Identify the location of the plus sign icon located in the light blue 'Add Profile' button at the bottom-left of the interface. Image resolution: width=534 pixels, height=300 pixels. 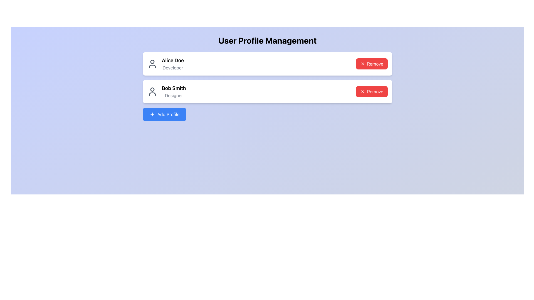
(152, 114).